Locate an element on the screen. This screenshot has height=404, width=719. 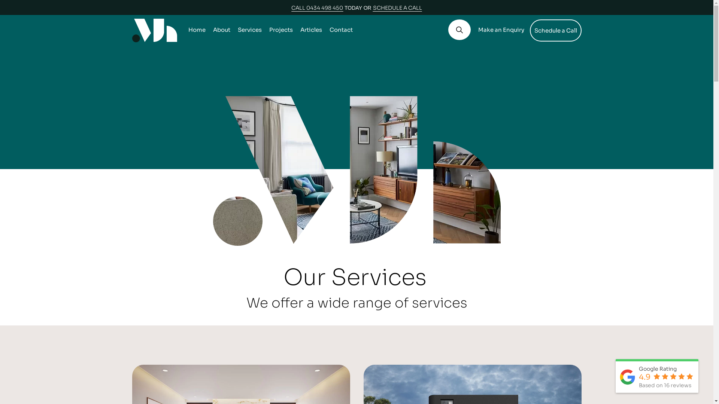
'Contact' is located at coordinates (341, 29).